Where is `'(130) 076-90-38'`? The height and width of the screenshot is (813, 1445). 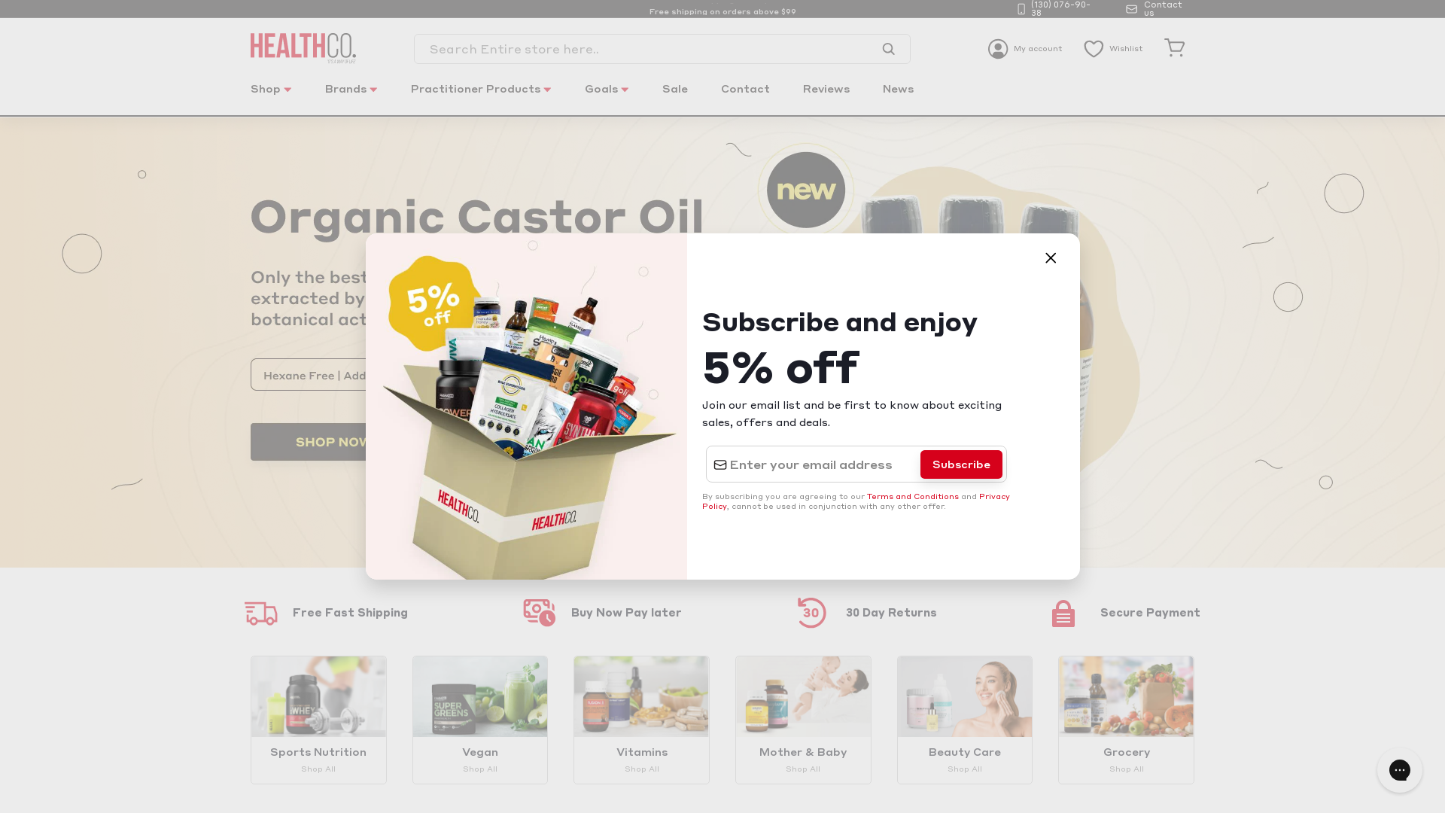
'(130) 076-90-38' is located at coordinates (1057, 8).